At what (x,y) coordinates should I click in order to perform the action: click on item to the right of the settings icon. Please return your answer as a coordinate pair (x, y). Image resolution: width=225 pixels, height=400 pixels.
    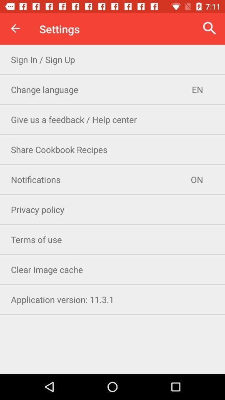
    Looking at the image, I should click on (209, 28).